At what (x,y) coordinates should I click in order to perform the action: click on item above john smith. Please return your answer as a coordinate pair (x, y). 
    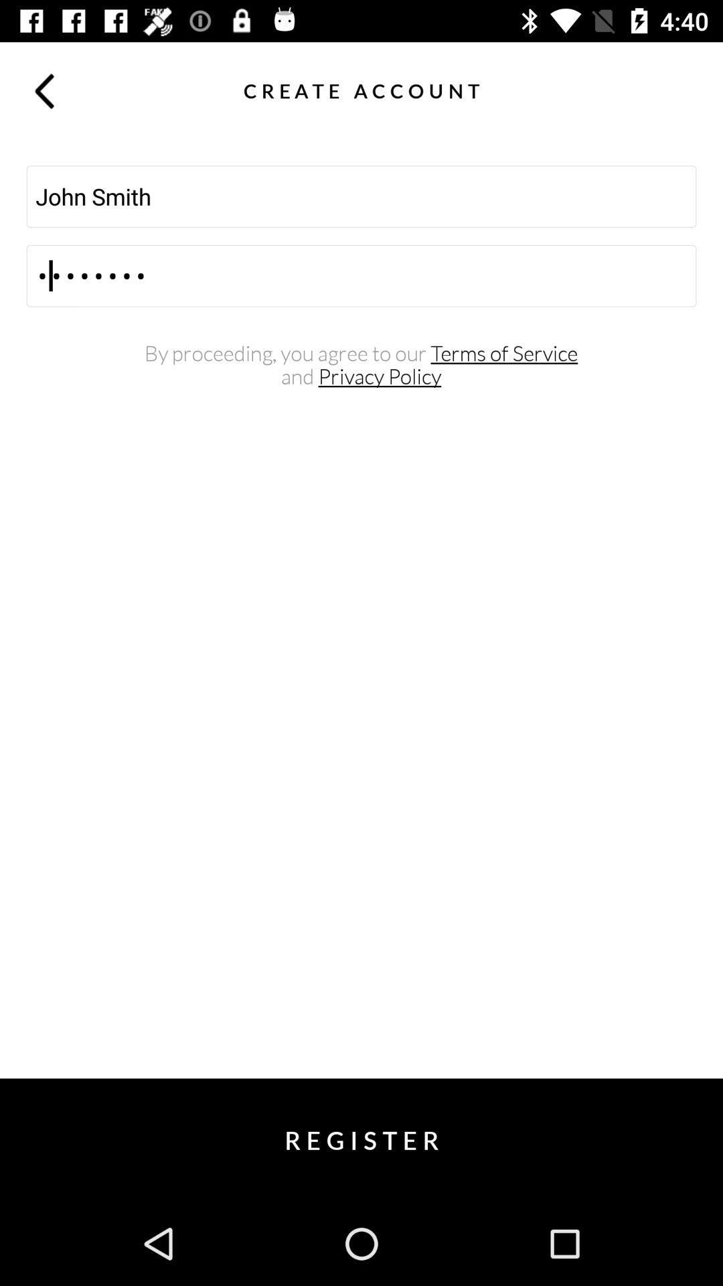
    Looking at the image, I should click on (679, 90).